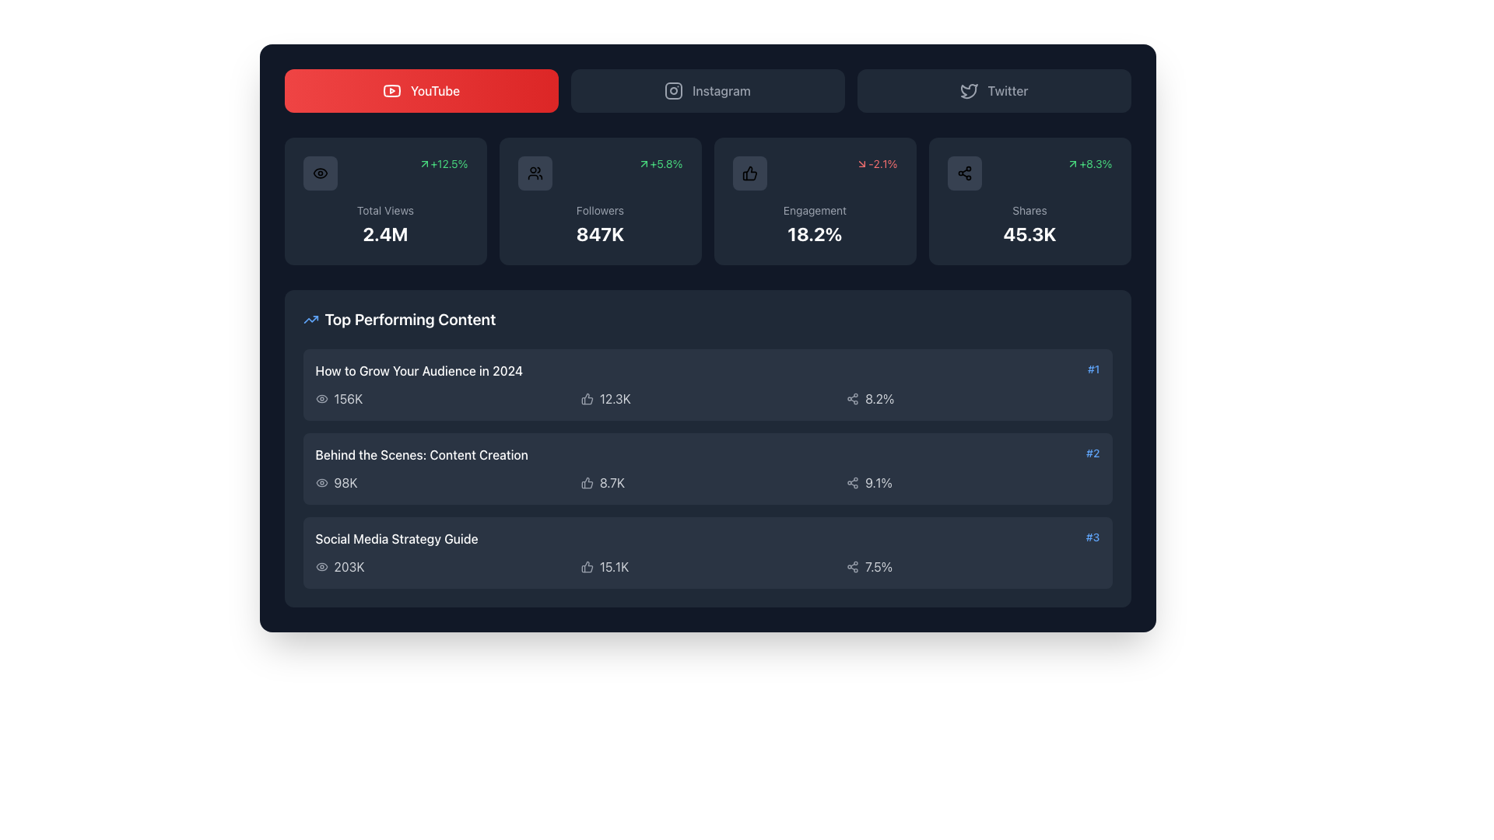 The image size is (1494, 840). Describe the element at coordinates (852, 567) in the screenshot. I see `the small gray share icon located in the 'Top Performing Content' section, positioned to the left of the text '7.5%'` at that location.